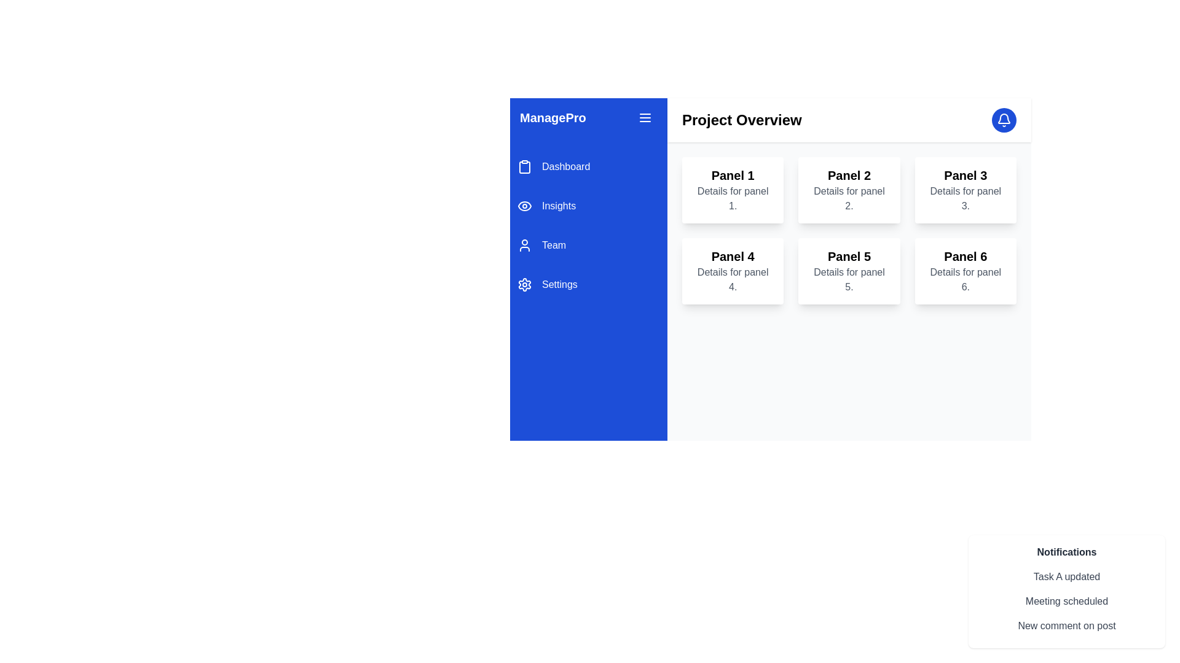 The height and width of the screenshot is (663, 1180). I want to click on the 'Panel 4' text label, which is bold and large, located within the fourth card of the Project Overview section, so click(733, 255).